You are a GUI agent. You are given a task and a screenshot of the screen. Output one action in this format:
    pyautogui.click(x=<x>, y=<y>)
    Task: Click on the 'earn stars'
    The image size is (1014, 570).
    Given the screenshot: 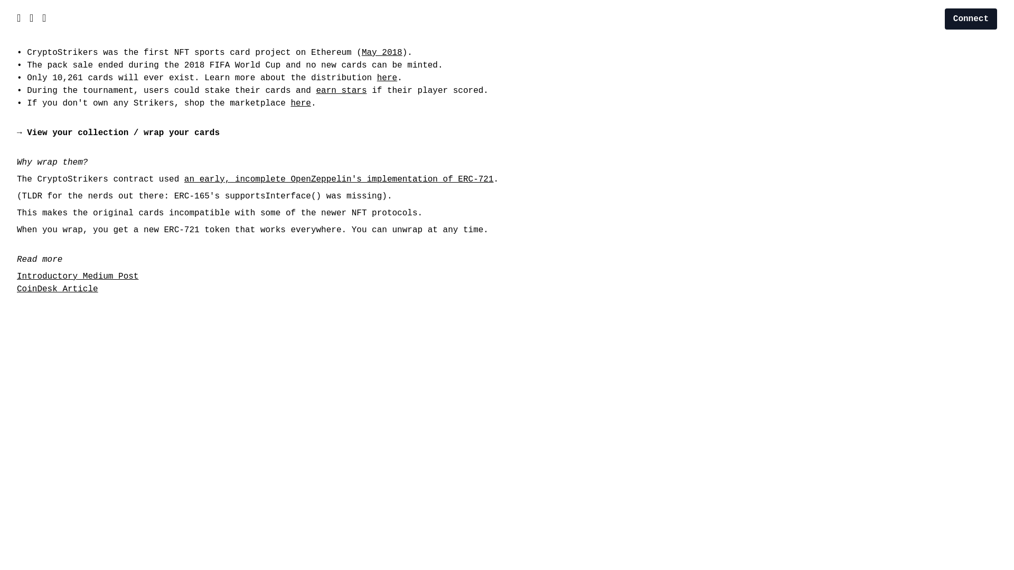 What is the action you would take?
    pyautogui.click(x=341, y=90)
    